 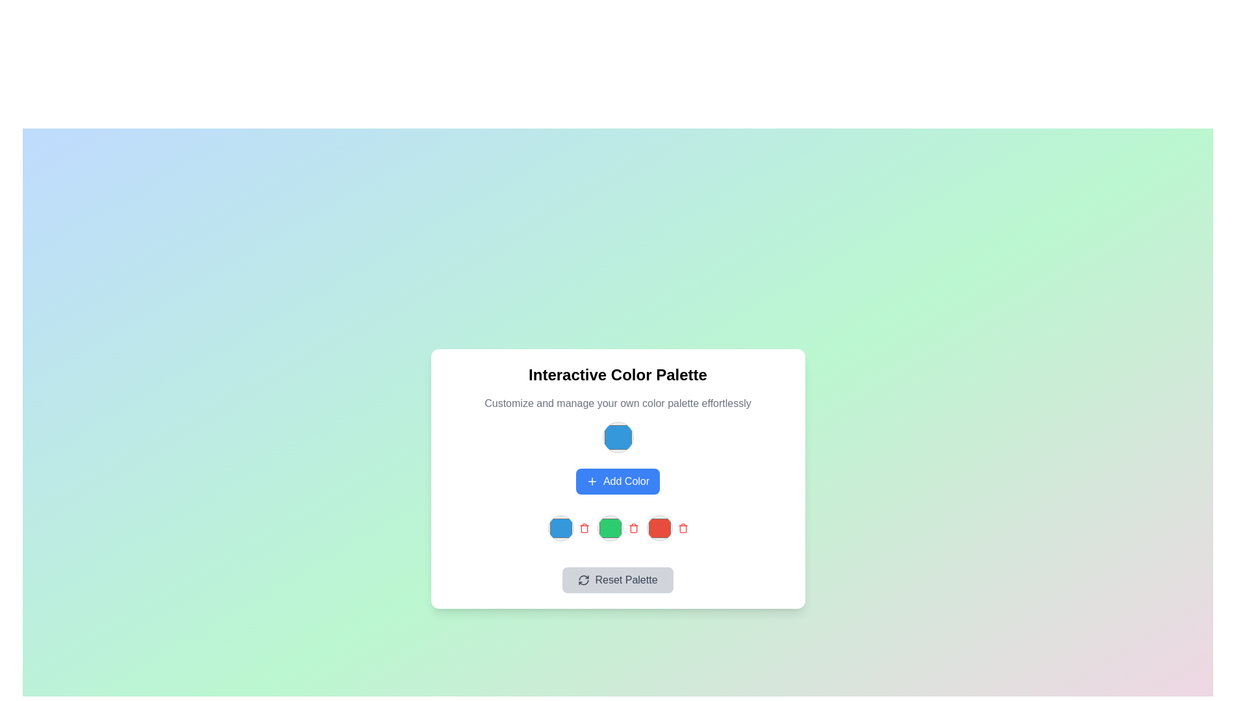 What do you see at coordinates (682, 529) in the screenshot?
I see `the middle rectangular outline of the trash bin icon, which is part of a minimalist design and located within the central interface panel` at bounding box center [682, 529].